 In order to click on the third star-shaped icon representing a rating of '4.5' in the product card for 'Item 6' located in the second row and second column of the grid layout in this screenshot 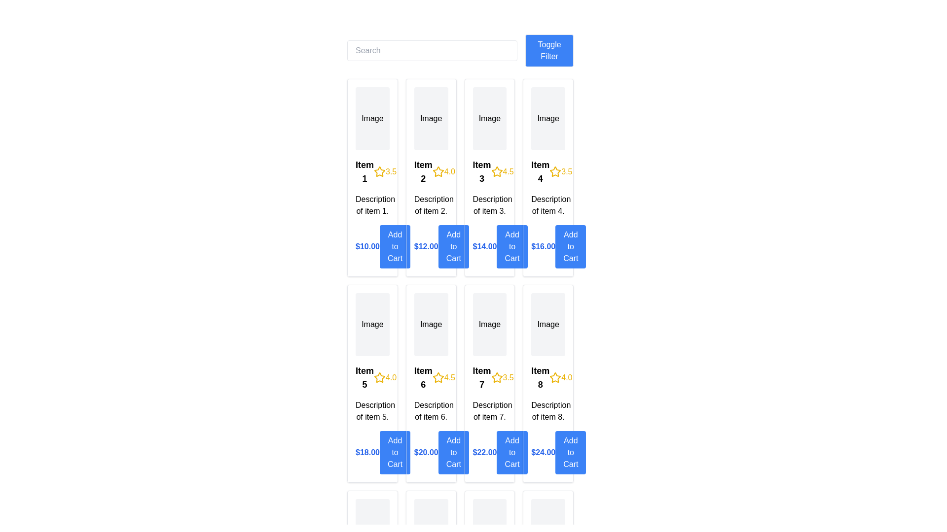, I will do `click(437, 377)`.